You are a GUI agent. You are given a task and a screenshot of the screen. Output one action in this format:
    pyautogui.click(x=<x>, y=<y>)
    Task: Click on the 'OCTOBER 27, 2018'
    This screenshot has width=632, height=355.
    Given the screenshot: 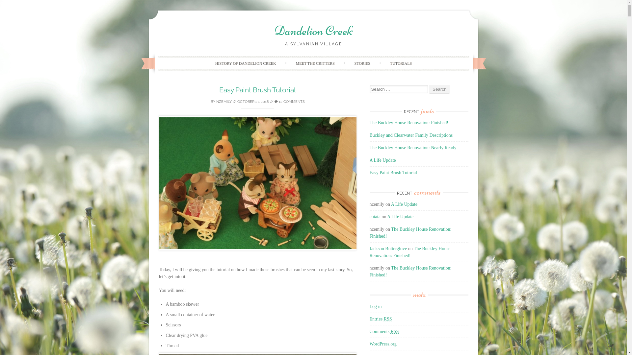 What is the action you would take?
    pyautogui.click(x=252, y=102)
    